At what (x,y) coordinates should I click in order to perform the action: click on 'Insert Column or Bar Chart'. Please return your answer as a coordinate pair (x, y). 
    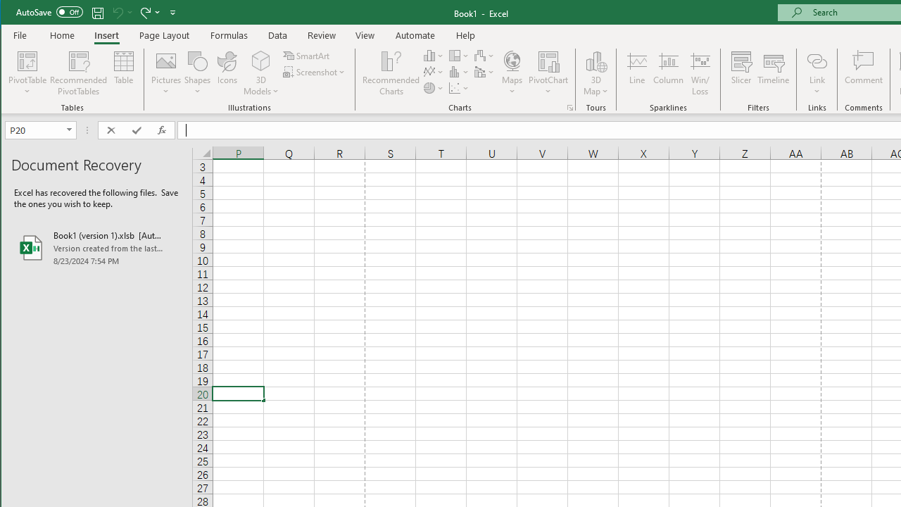
    Looking at the image, I should click on (433, 55).